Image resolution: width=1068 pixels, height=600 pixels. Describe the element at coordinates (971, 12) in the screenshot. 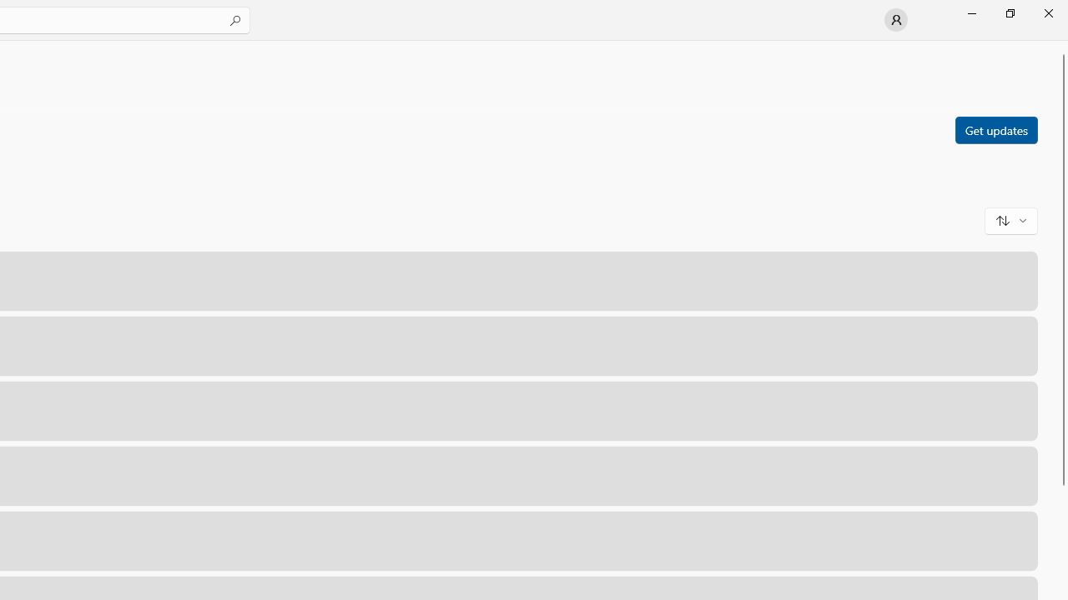

I see `'Minimize Microsoft Store'` at that location.